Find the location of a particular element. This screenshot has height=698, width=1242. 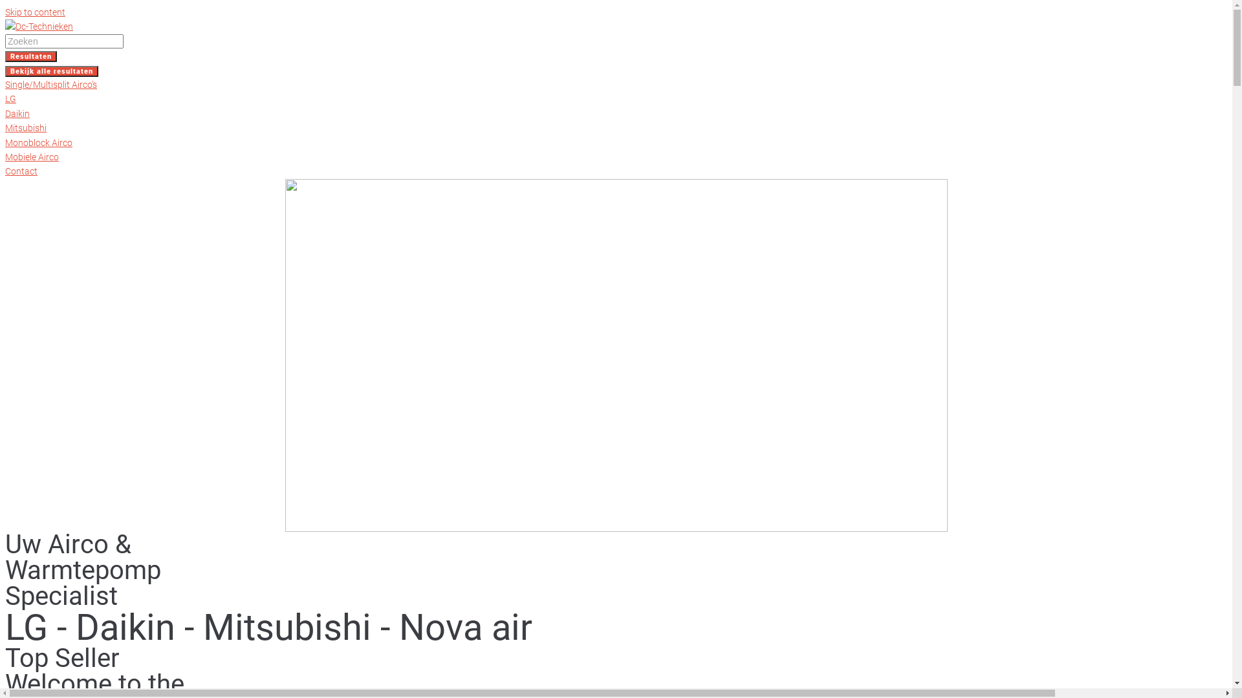

'Monoblock Airco' is located at coordinates (38, 142).